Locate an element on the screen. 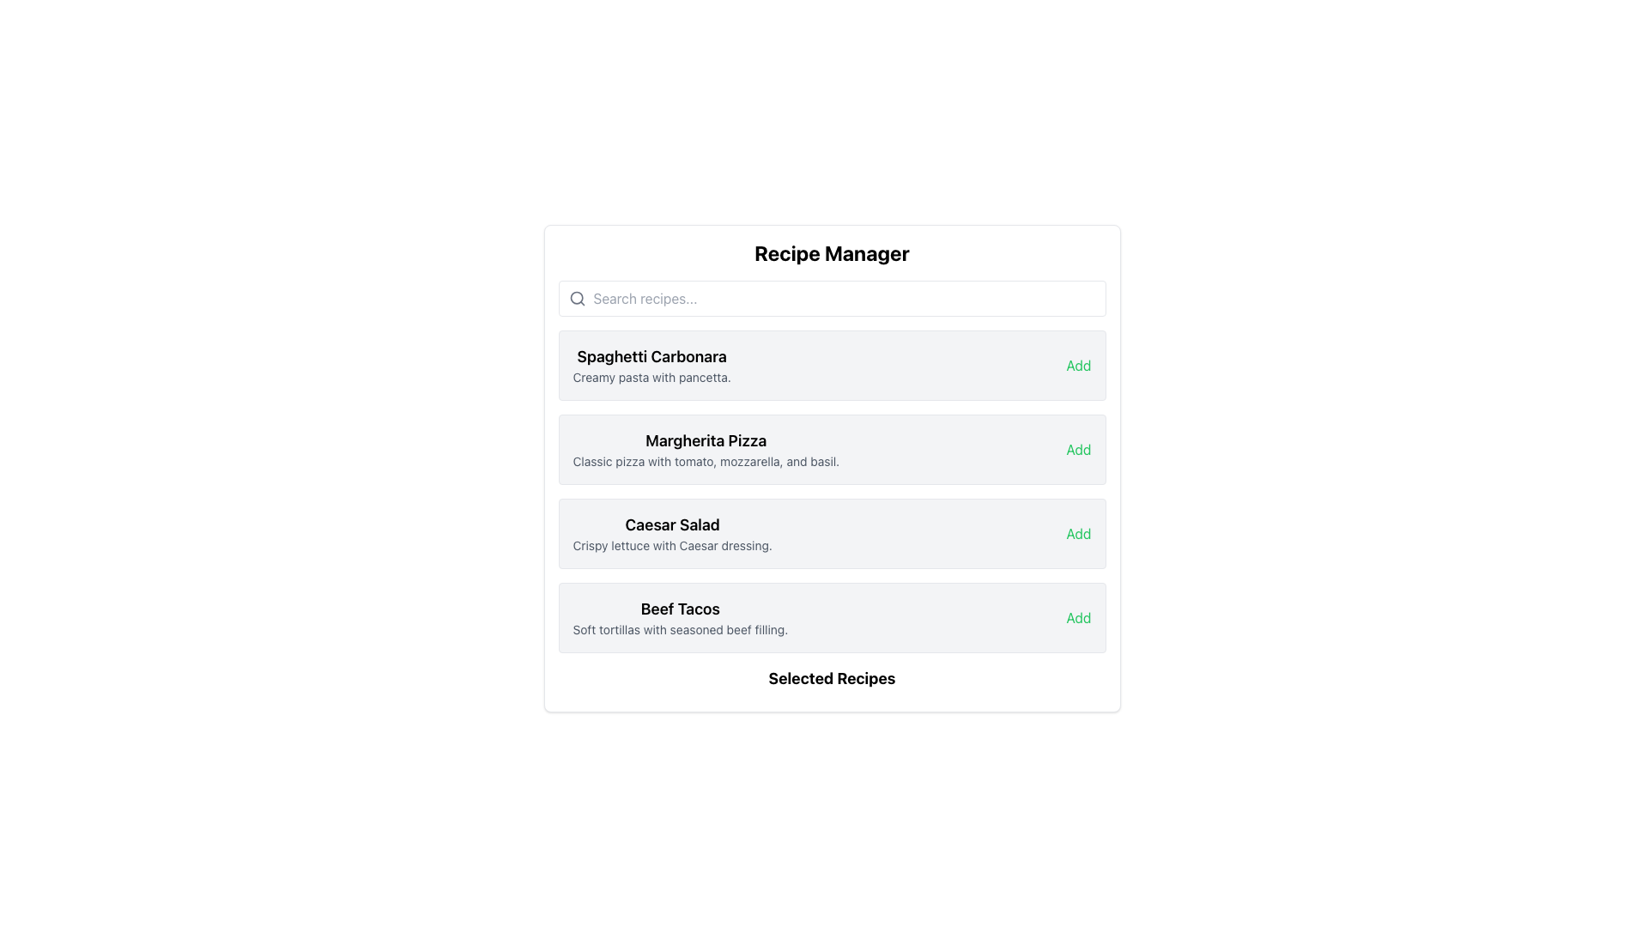  the 'Add' button for the dish 'Spaghetti Carbonara' is located at coordinates (1078, 364).